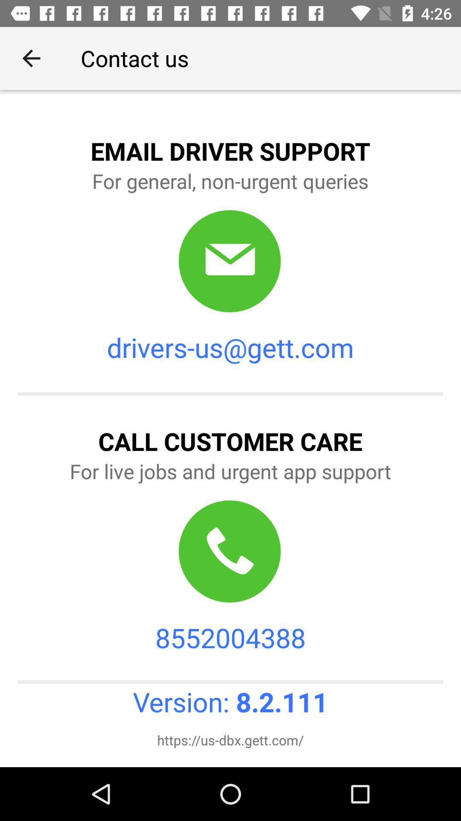  What do you see at coordinates (230, 638) in the screenshot?
I see `8552004388 icon` at bounding box center [230, 638].